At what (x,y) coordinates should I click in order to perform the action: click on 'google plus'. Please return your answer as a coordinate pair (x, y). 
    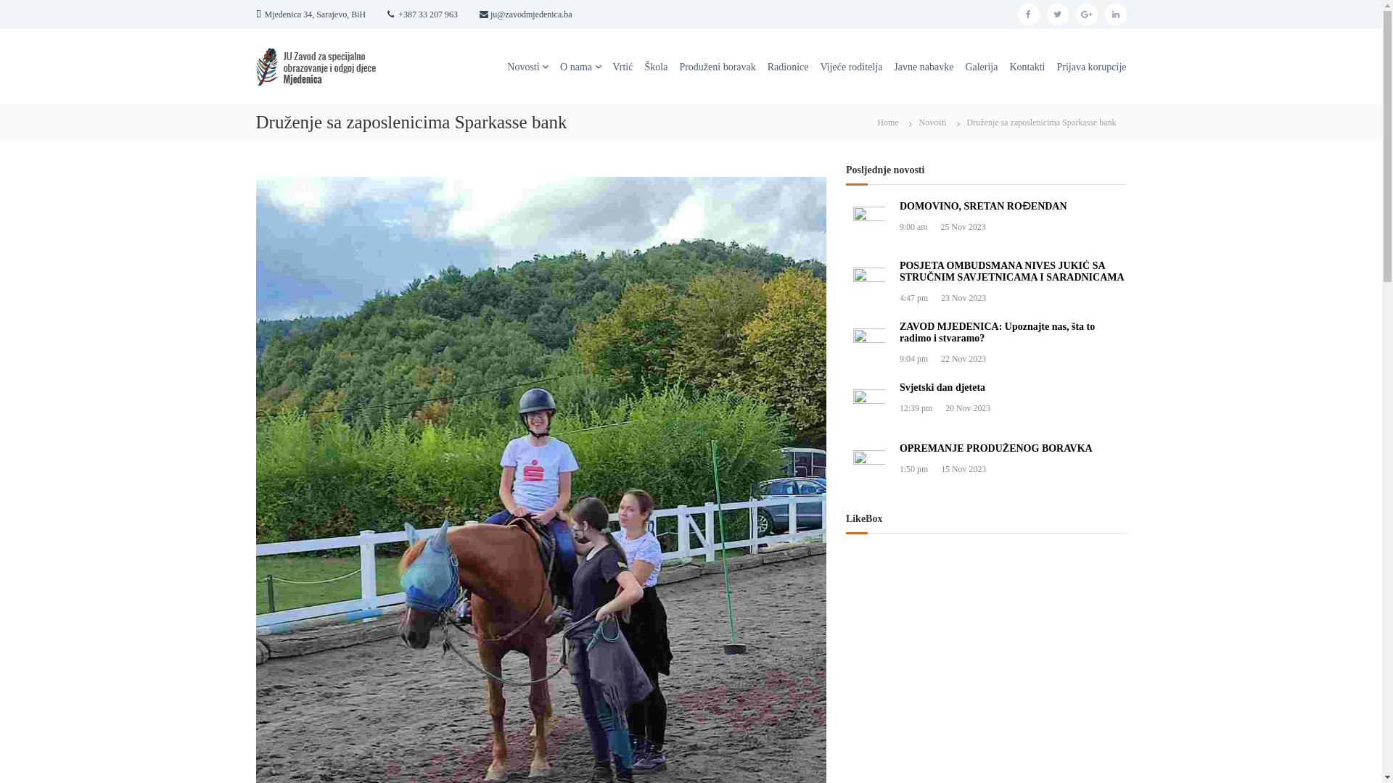
    Looking at the image, I should click on (1075, 14).